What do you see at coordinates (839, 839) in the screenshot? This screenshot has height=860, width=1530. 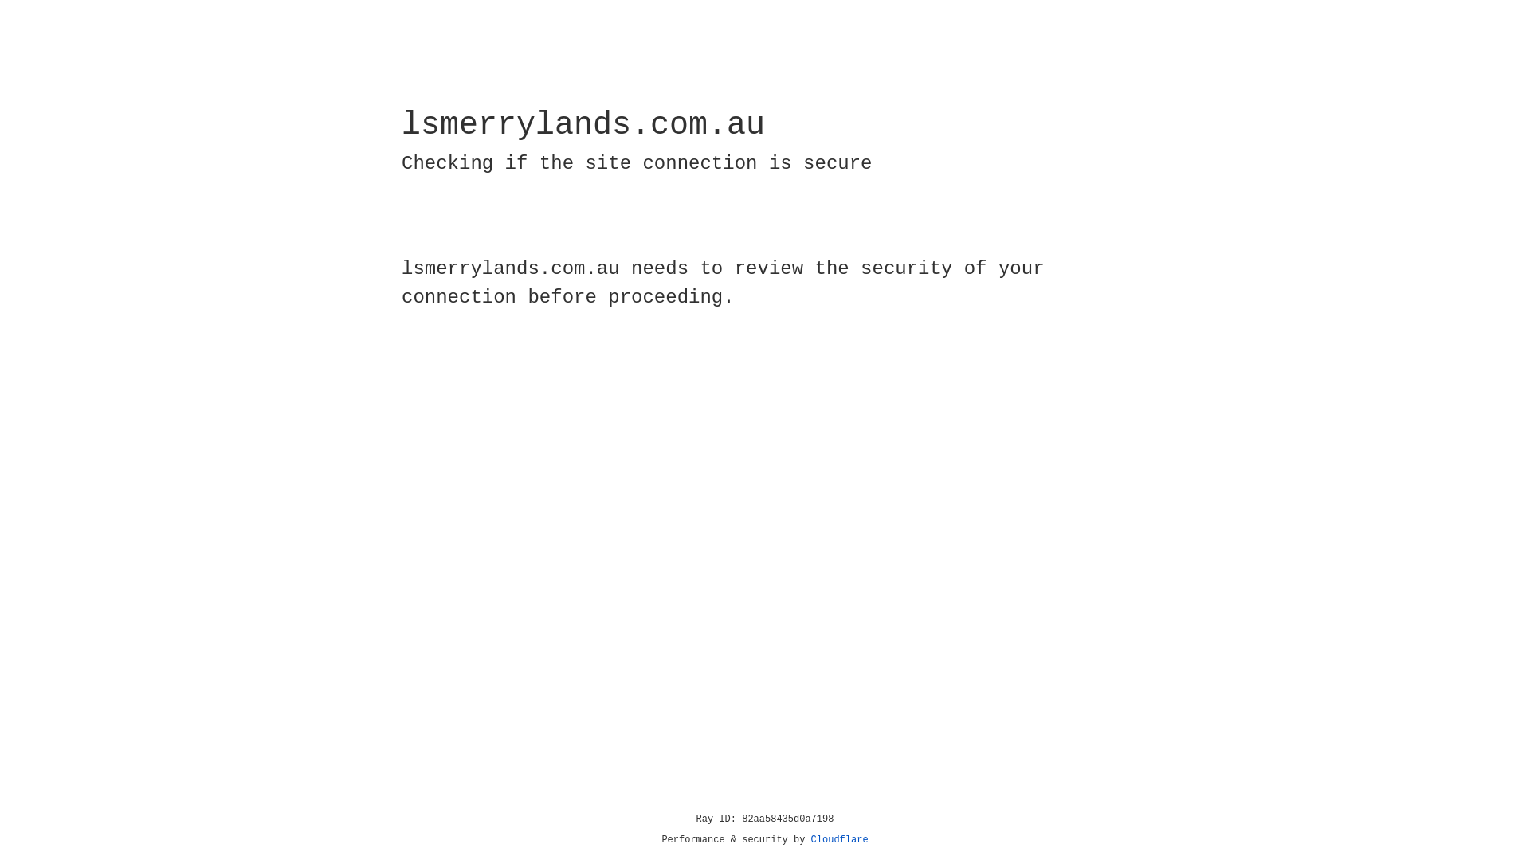 I see `'Cloudflare'` at bounding box center [839, 839].